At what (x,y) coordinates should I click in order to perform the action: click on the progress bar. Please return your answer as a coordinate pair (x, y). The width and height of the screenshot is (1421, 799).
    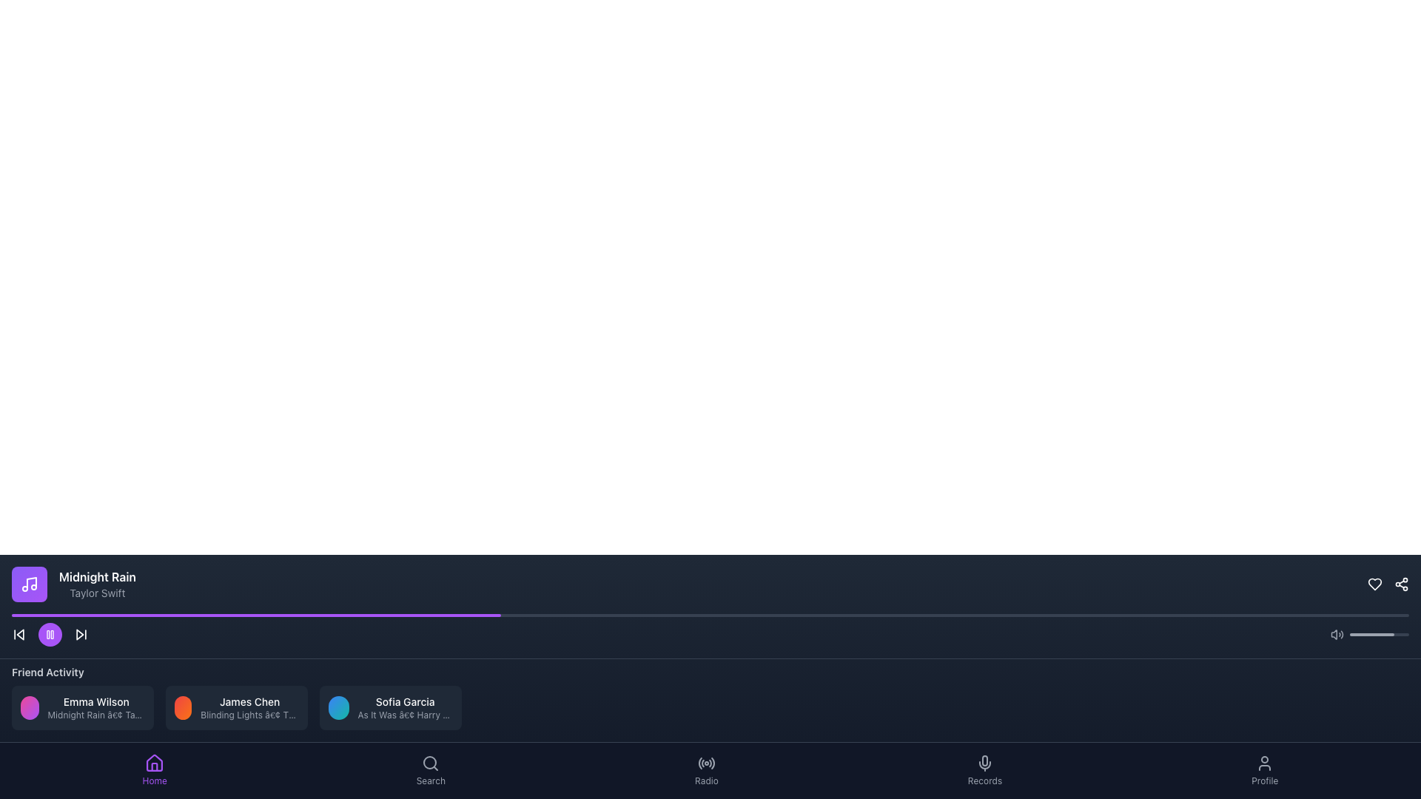
    Looking at the image, I should click on (11, 616).